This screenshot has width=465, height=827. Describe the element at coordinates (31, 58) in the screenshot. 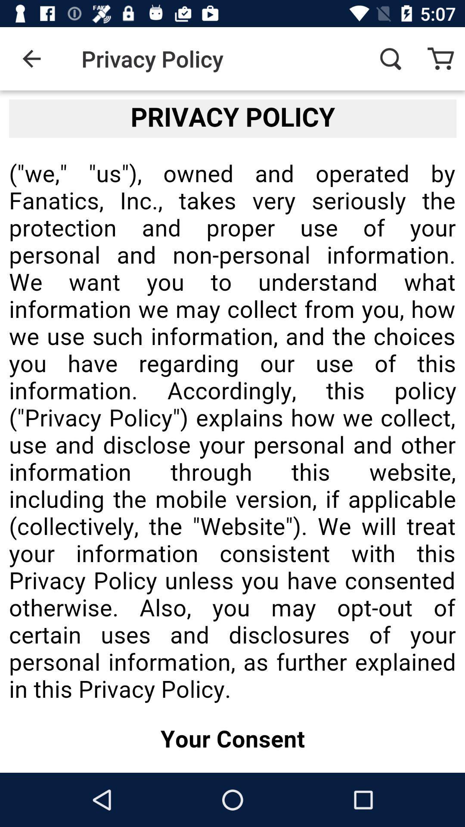

I see `item next to the privacy policy icon` at that location.